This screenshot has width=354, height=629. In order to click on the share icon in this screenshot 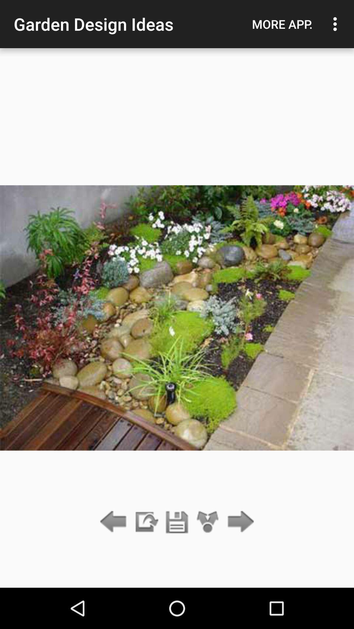, I will do `click(208, 522)`.